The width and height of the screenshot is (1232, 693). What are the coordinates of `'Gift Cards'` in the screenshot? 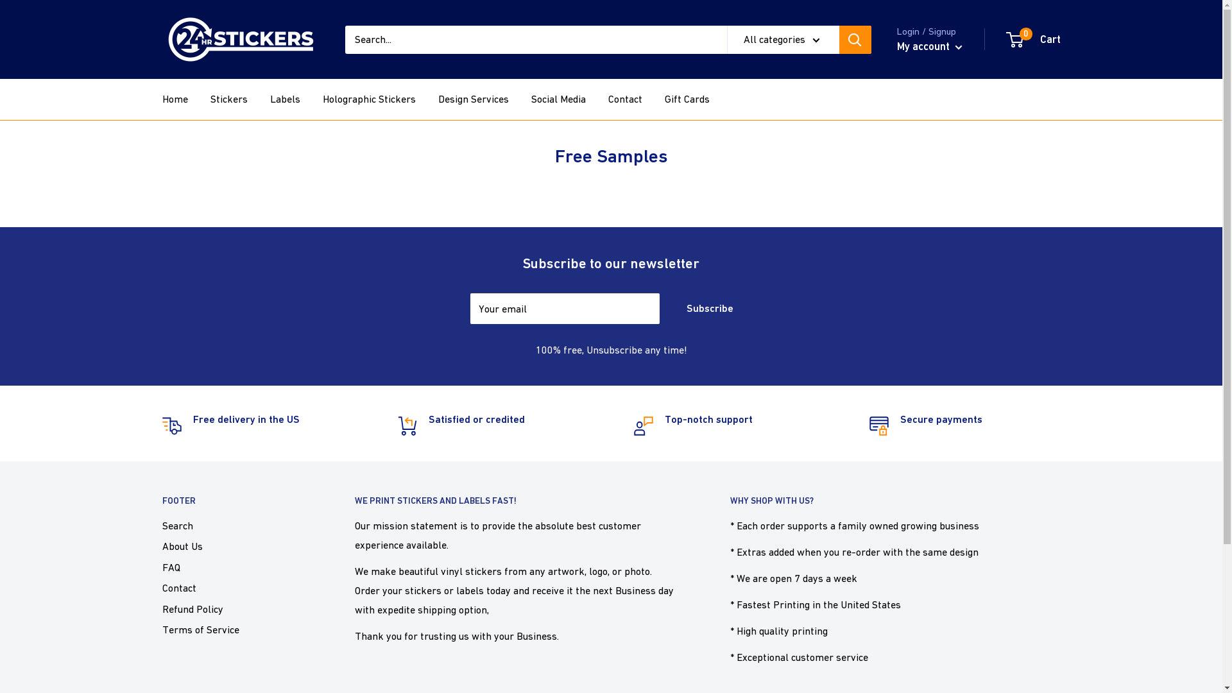 It's located at (686, 98).